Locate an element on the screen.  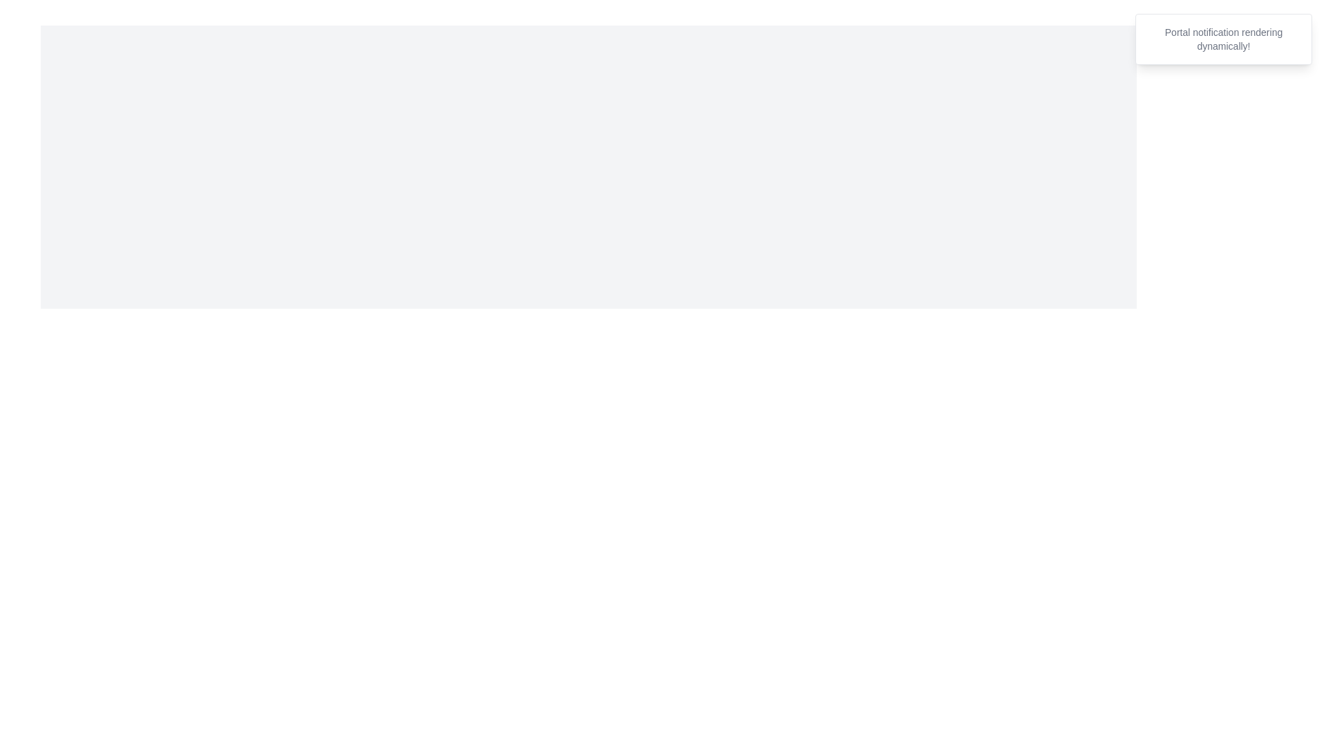
the static text element in the notification pop-up located at the top-right corner of the interface, which presents a dynamic notification message to the user is located at coordinates (1223, 39).